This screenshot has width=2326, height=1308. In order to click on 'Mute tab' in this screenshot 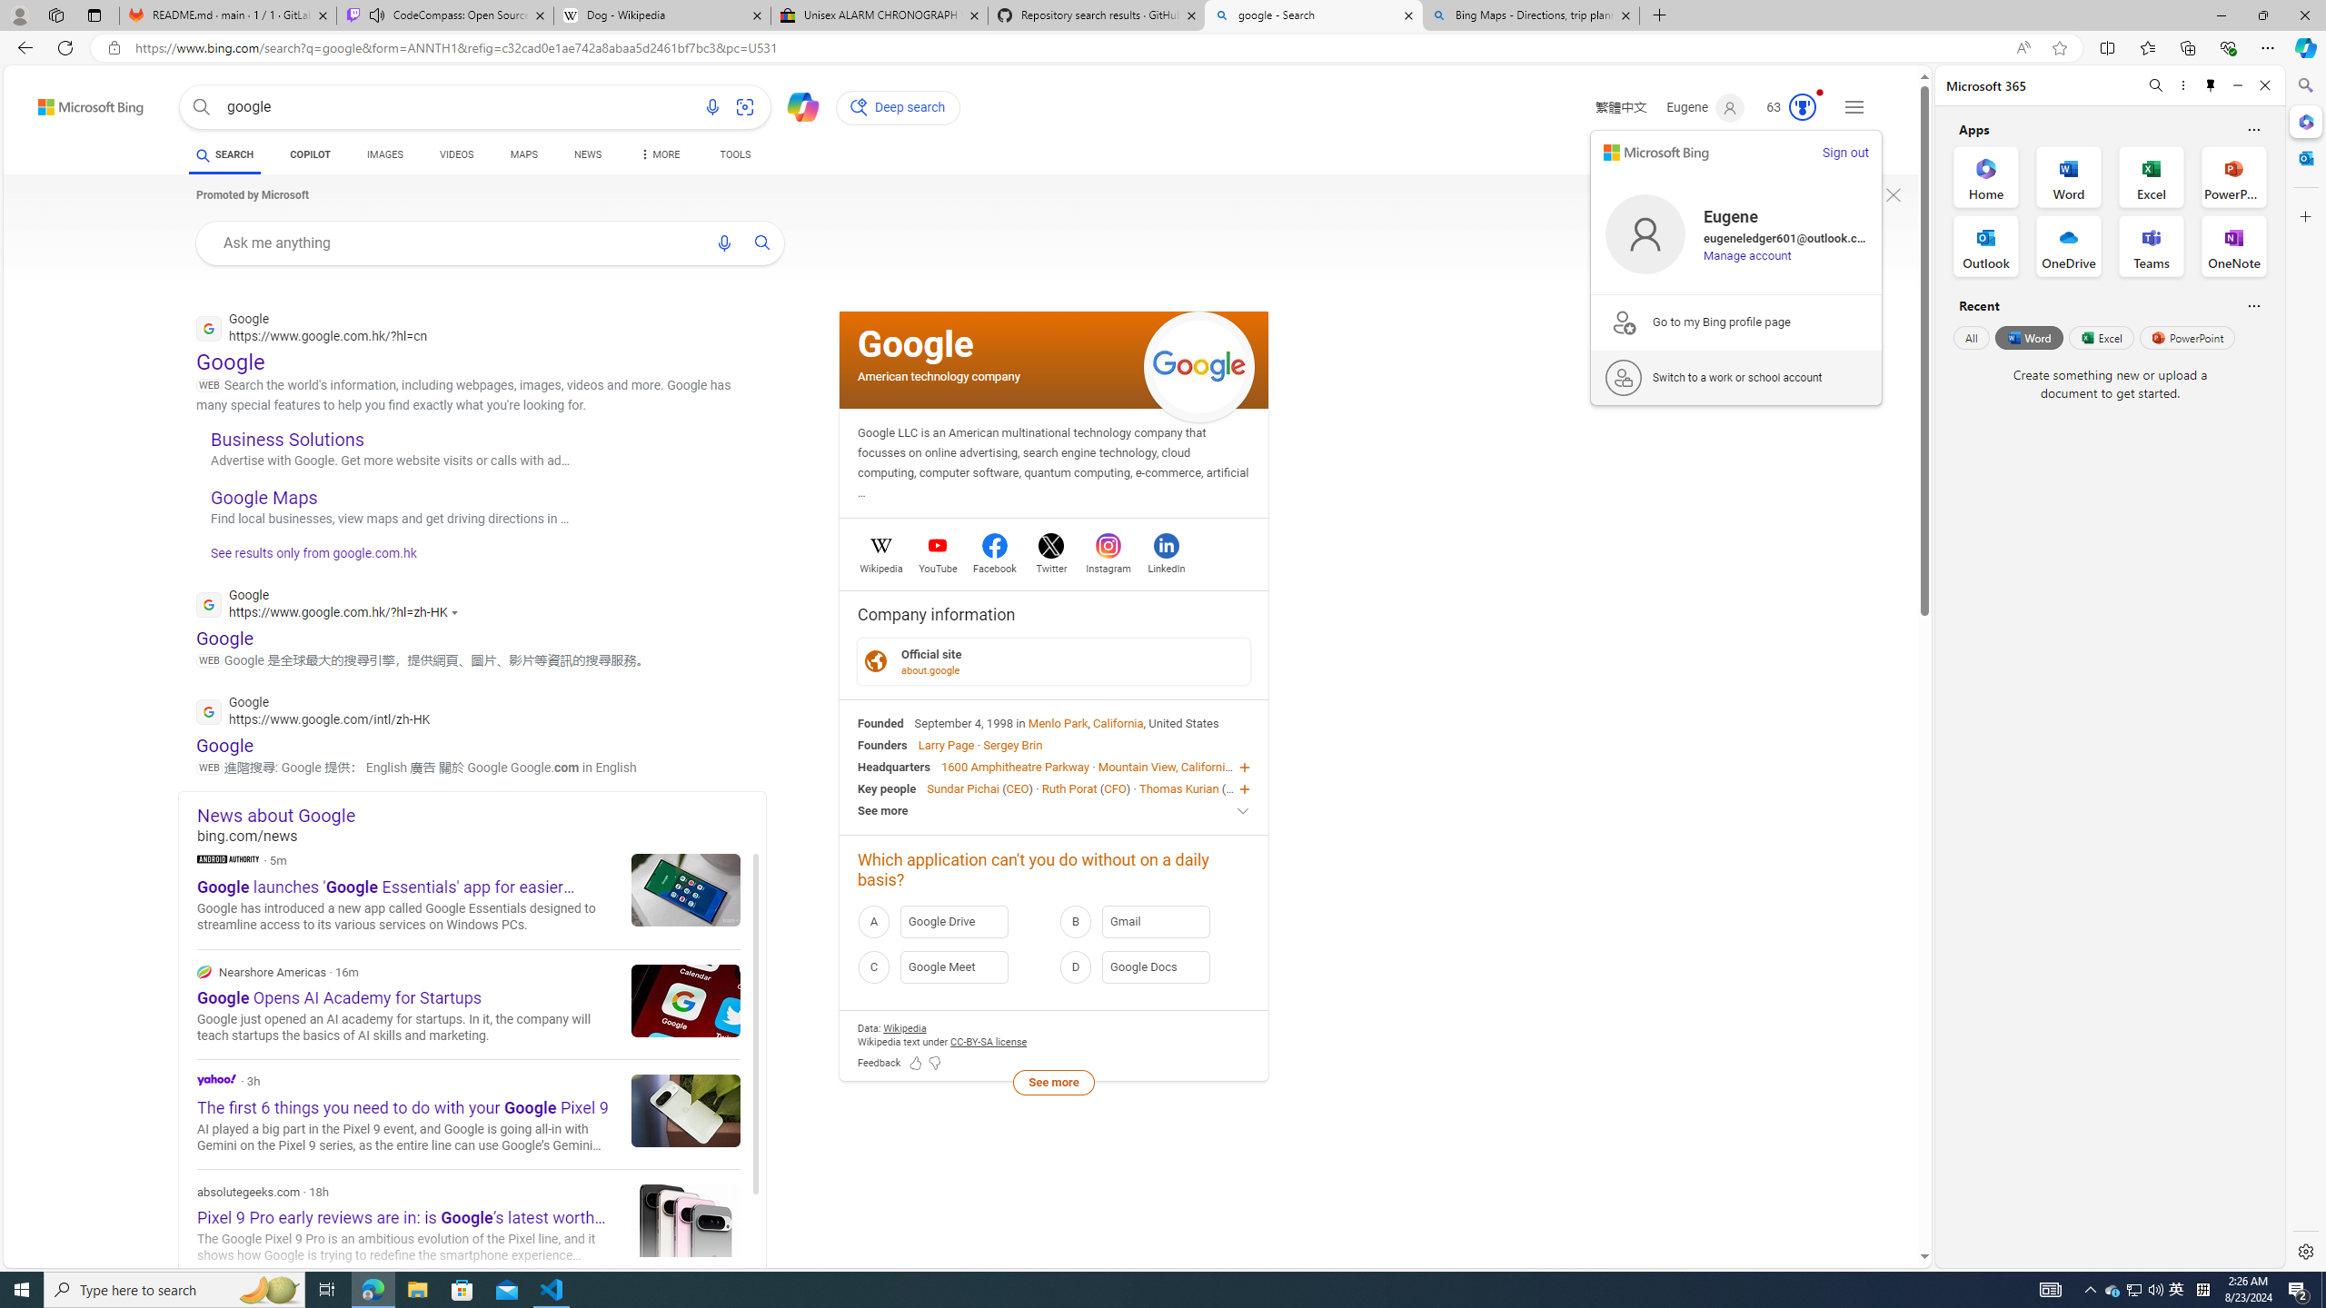, I will do `click(375, 14)`.